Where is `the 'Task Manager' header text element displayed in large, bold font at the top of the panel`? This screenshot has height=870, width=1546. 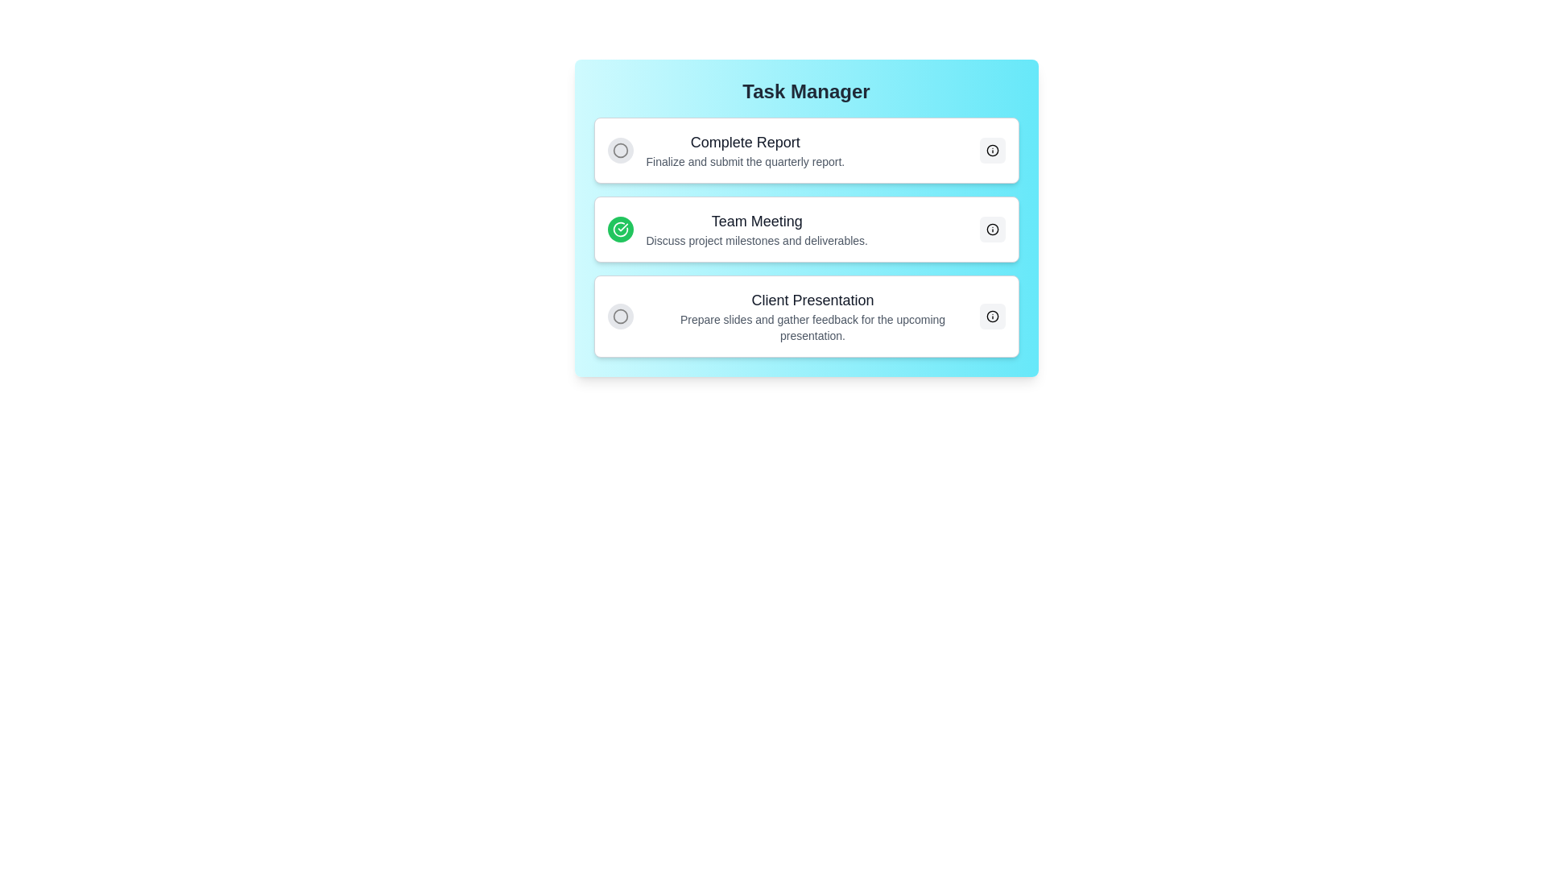 the 'Task Manager' header text element displayed in large, bold font at the top of the panel is located at coordinates (806, 92).